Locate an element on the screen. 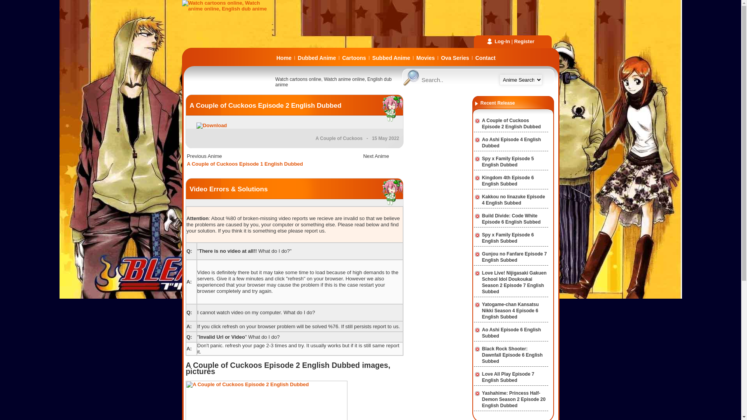 Image resolution: width=747 pixels, height=420 pixels. 'Gunjou no Fanfare Episode 7 English Subbed' is located at coordinates (481, 257).